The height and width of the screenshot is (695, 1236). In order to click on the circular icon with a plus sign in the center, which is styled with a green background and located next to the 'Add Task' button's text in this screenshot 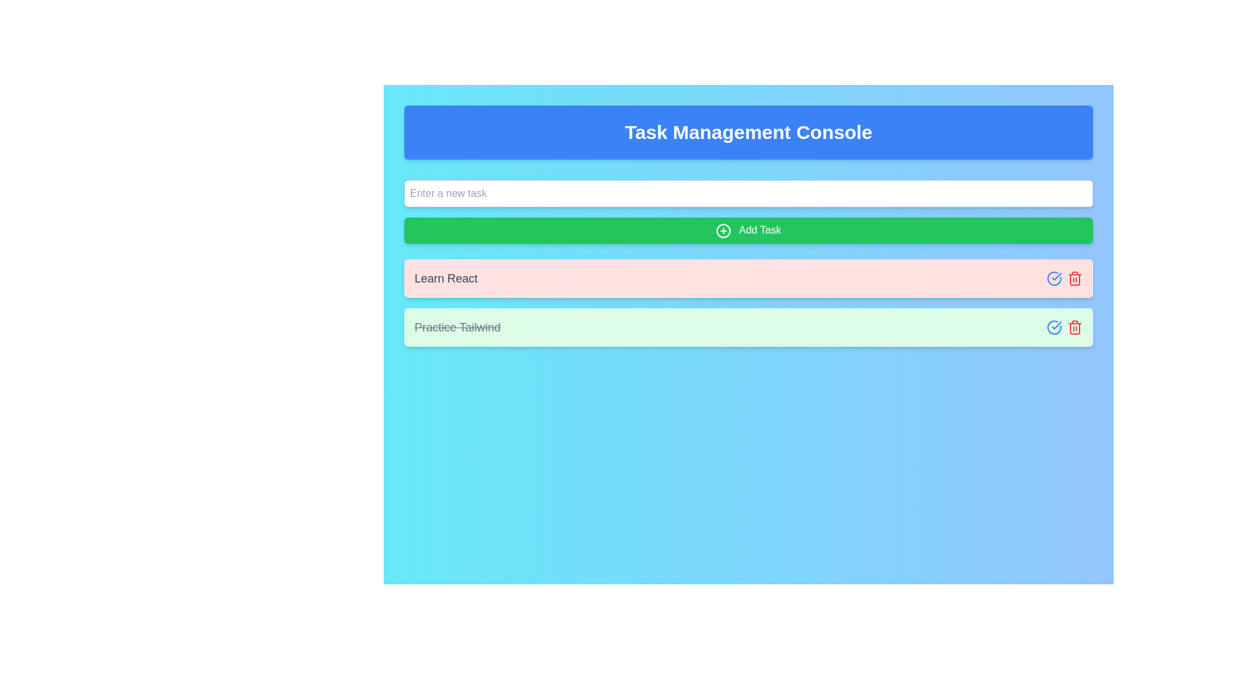, I will do `click(724, 230)`.